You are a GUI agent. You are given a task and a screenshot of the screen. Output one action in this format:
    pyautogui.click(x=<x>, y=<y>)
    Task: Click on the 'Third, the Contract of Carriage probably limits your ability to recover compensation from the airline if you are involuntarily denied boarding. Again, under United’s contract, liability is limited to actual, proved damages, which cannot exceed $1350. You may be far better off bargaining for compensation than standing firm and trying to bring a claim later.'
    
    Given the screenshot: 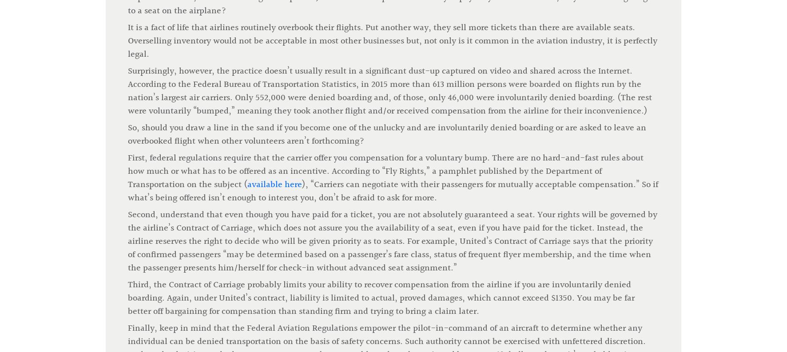 What is the action you would take?
    pyautogui.click(x=381, y=151)
    